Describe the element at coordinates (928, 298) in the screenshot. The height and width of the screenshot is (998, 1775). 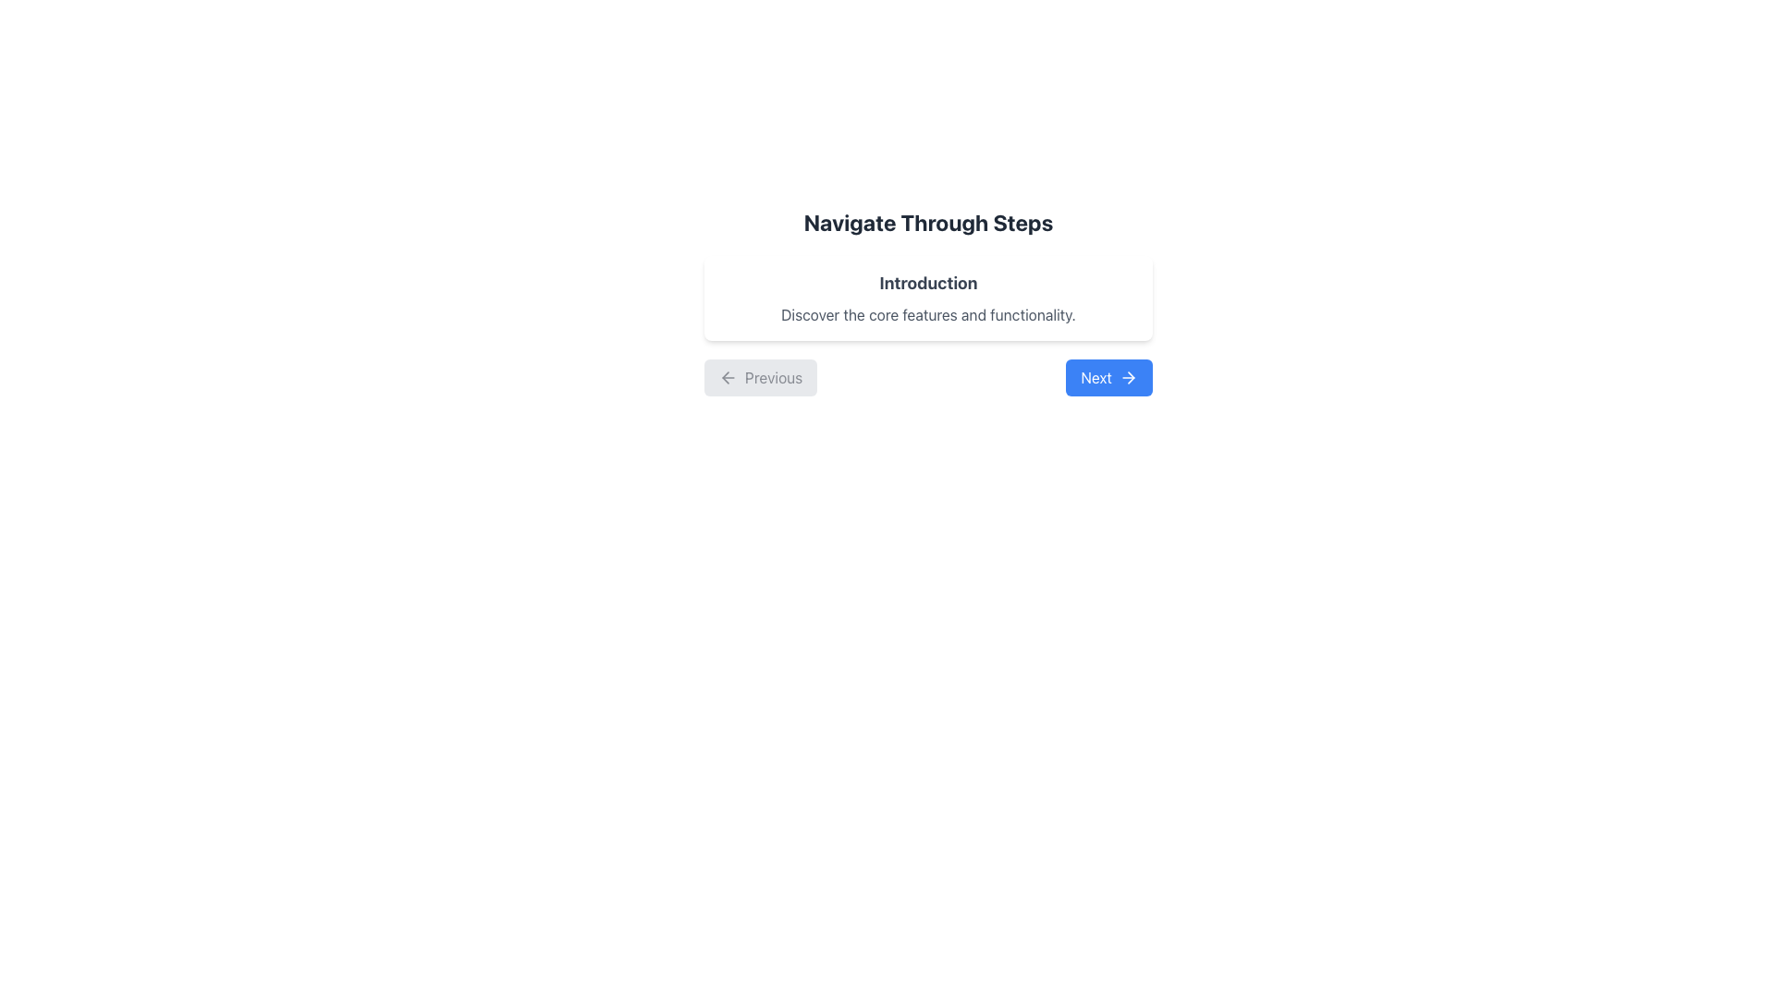
I see `text content of the Section Header titled 'Introduction' which includes the subtitle 'Discover the core features and functionality.'` at that location.